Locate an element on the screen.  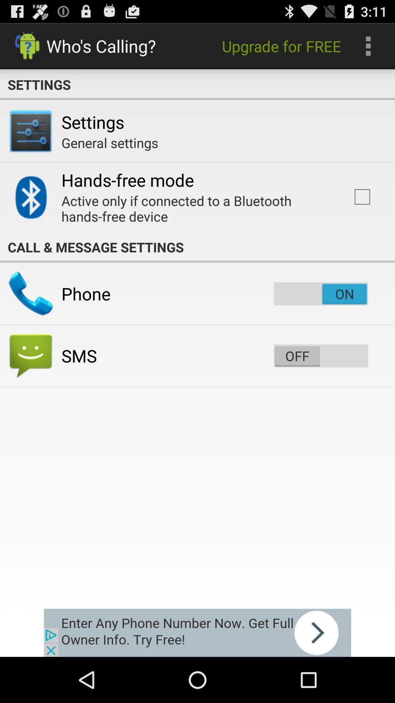
off is located at coordinates (320, 356).